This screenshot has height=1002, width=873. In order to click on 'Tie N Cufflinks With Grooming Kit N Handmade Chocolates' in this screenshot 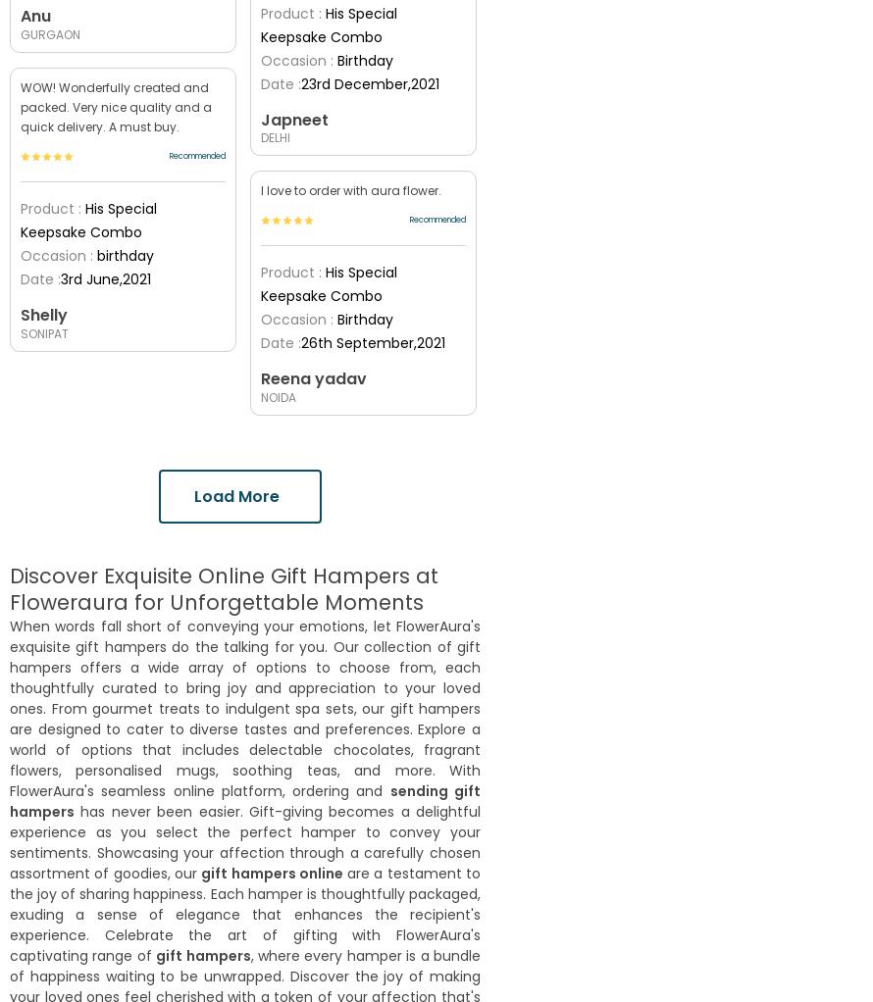, I will do `click(357, 771)`.